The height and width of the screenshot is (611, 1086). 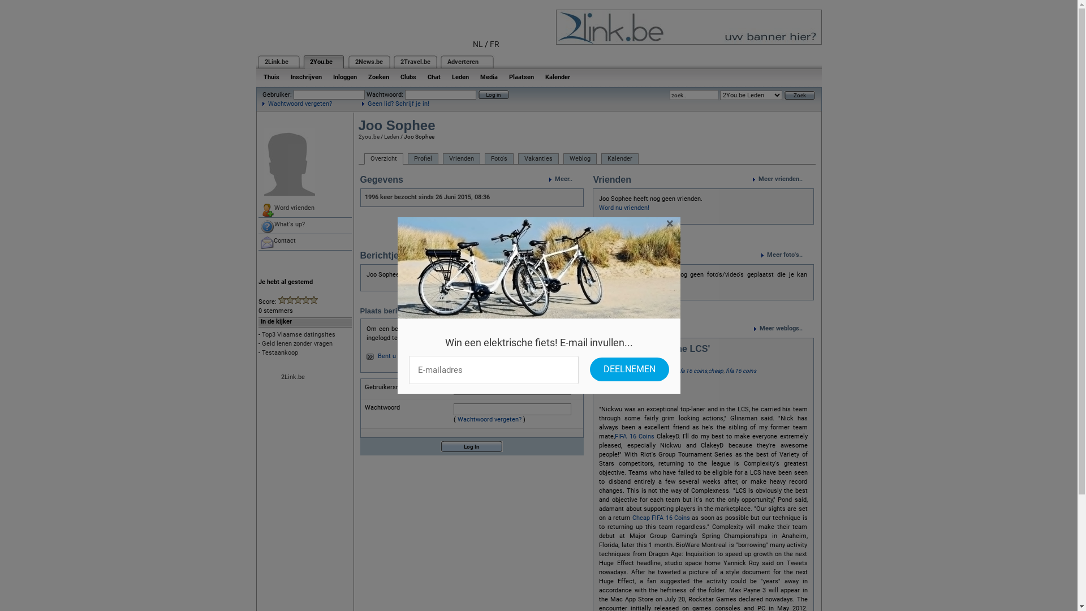 I want to click on 'fifa 16 coins', so click(x=725, y=371).